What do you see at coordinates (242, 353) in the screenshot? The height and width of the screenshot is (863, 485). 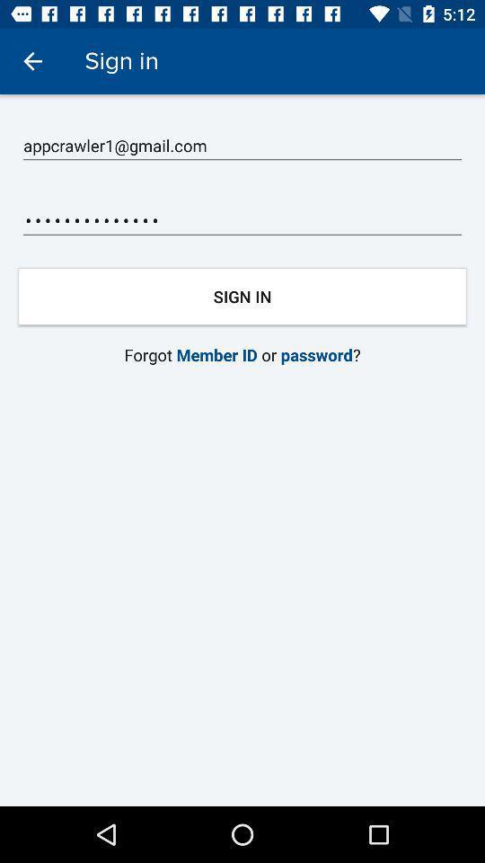 I see `forgot member id item` at bounding box center [242, 353].